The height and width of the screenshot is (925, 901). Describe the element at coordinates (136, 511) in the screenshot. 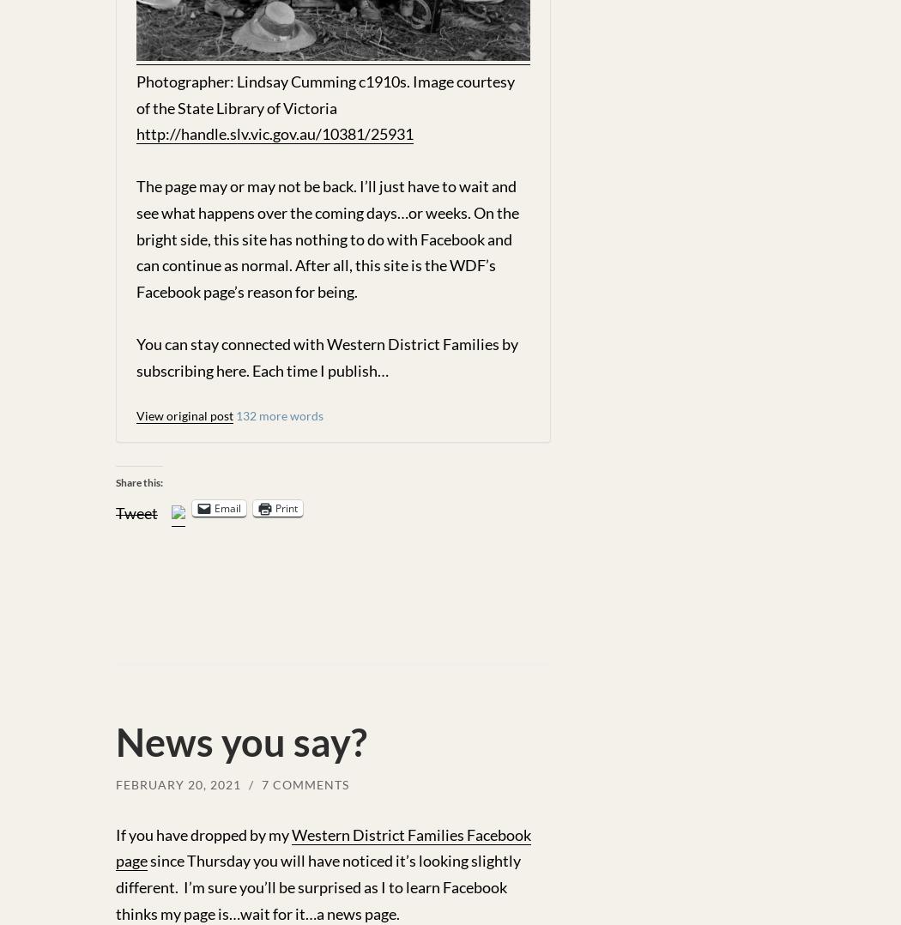

I see `'Tweet'` at that location.